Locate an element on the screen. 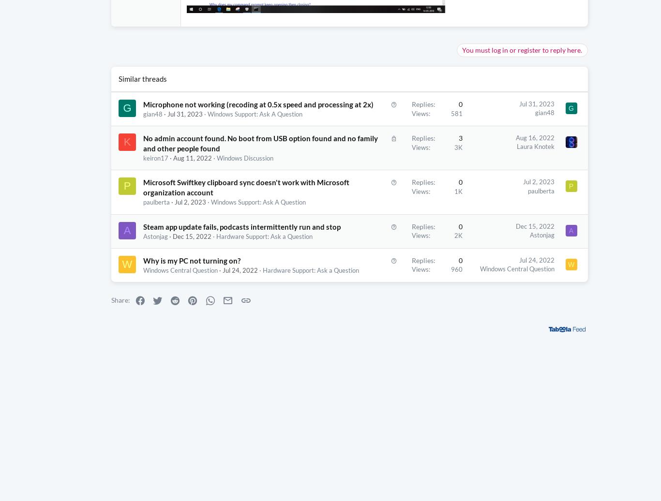 This screenshot has height=501, width=661. 'Microsoft Swiftkey clipboard sync doesn't work with Microsoft organization account' is located at coordinates (212, 207).